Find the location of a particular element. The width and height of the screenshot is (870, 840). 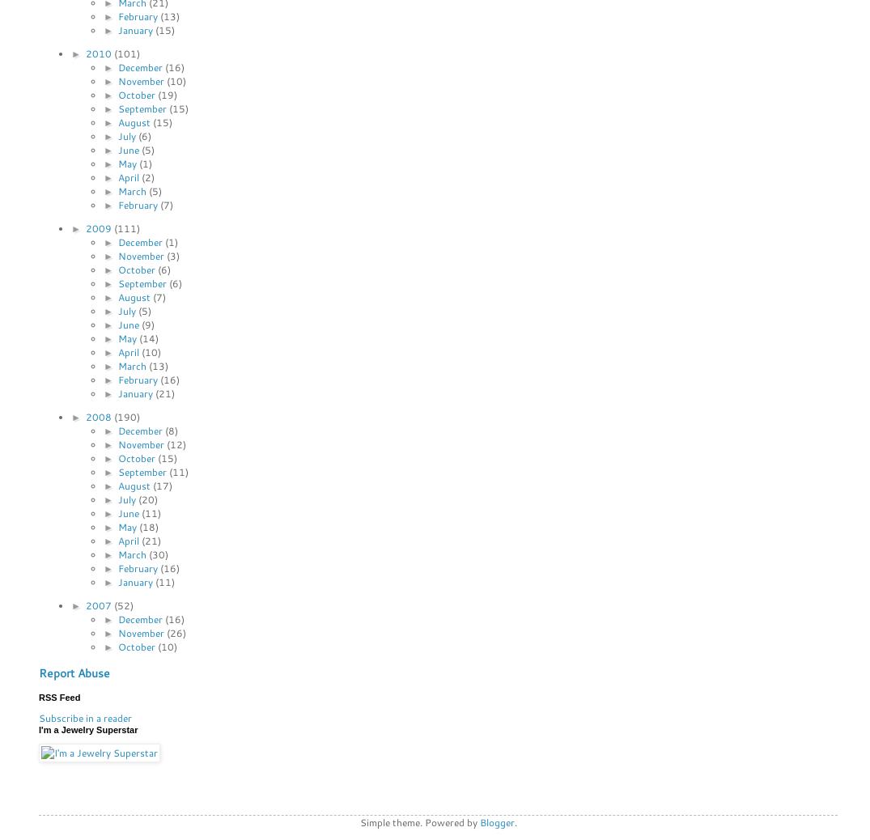

'(30)' is located at coordinates (158, 553).